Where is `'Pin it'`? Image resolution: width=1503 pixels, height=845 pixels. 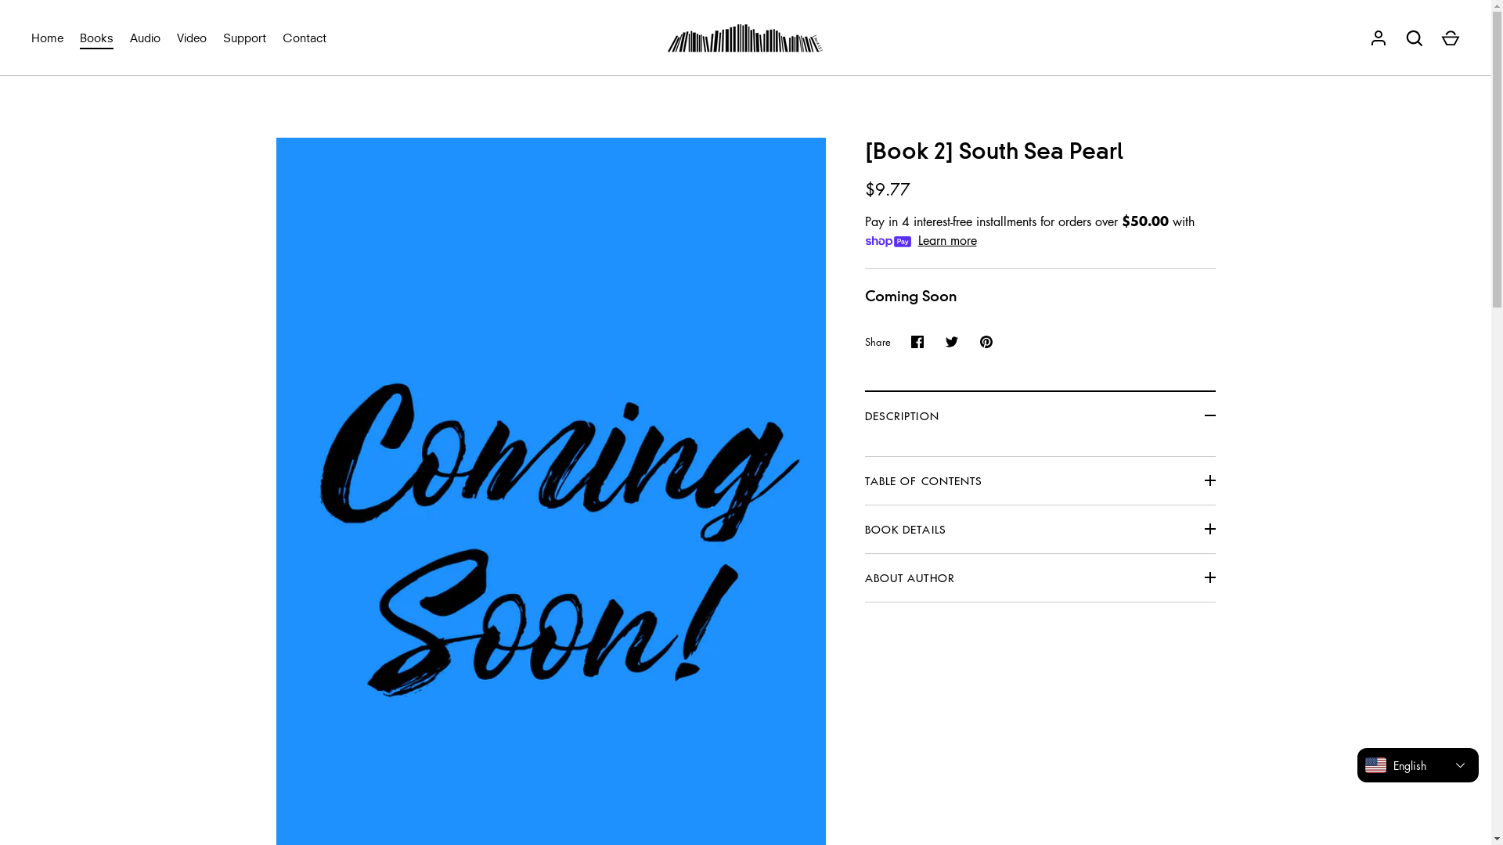
'Pin it' is located at coordinates (968, 340).